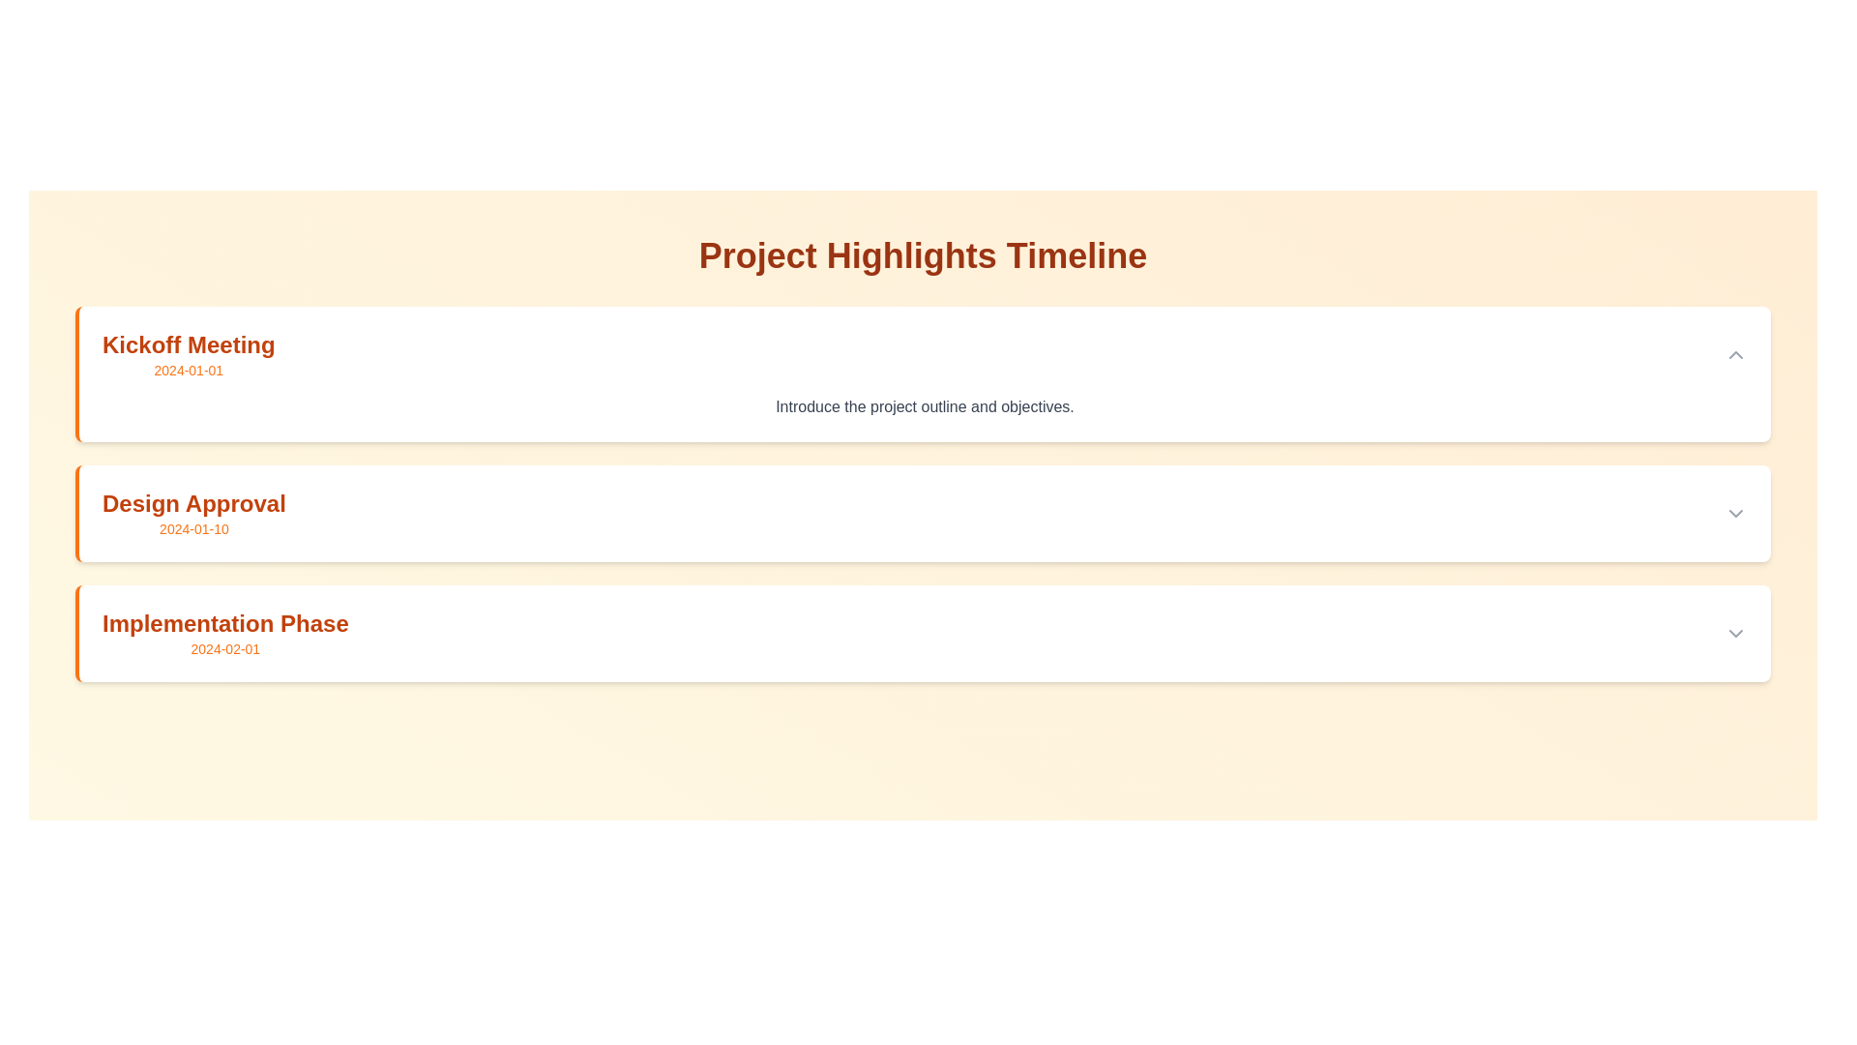 This screenshot has height=1045, width=1857. Describe the element at coordinates (193, 502) in the screenshot. I see `text of the heading 'Design Approval' which is displayed in a bold, orange-serif font, positioned as the second item in a vertically stacked list of items` at that location.